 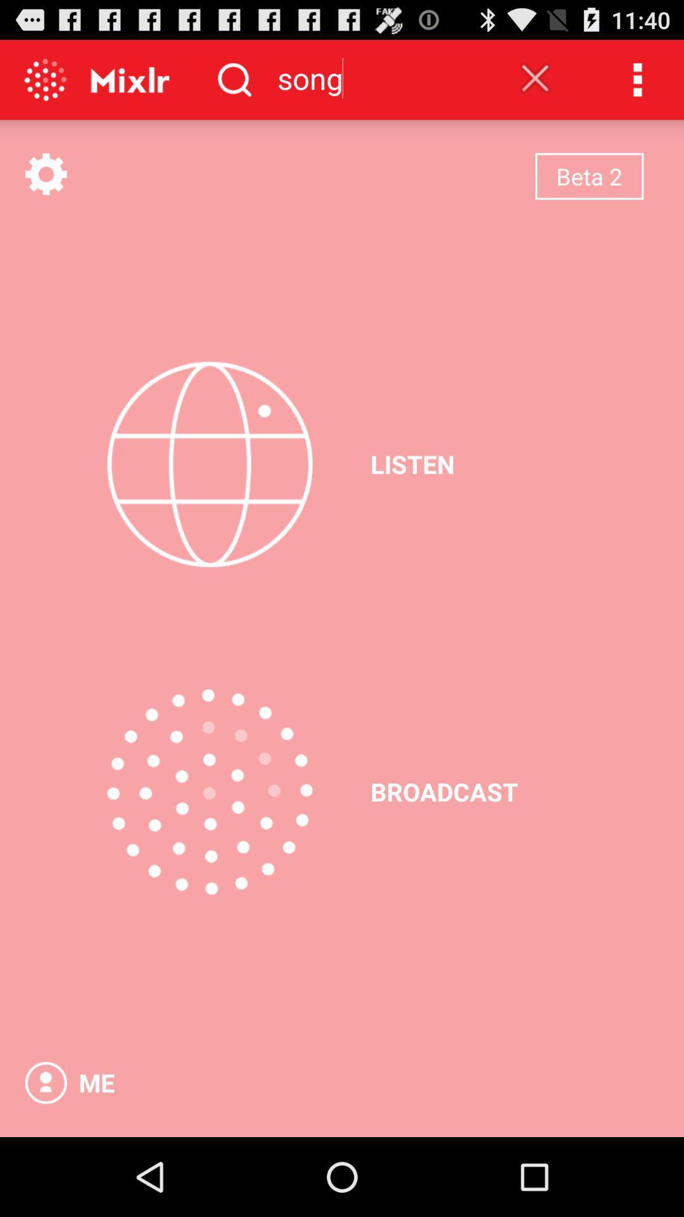 I want to click on the settings icon, so click(x=45, y=185).